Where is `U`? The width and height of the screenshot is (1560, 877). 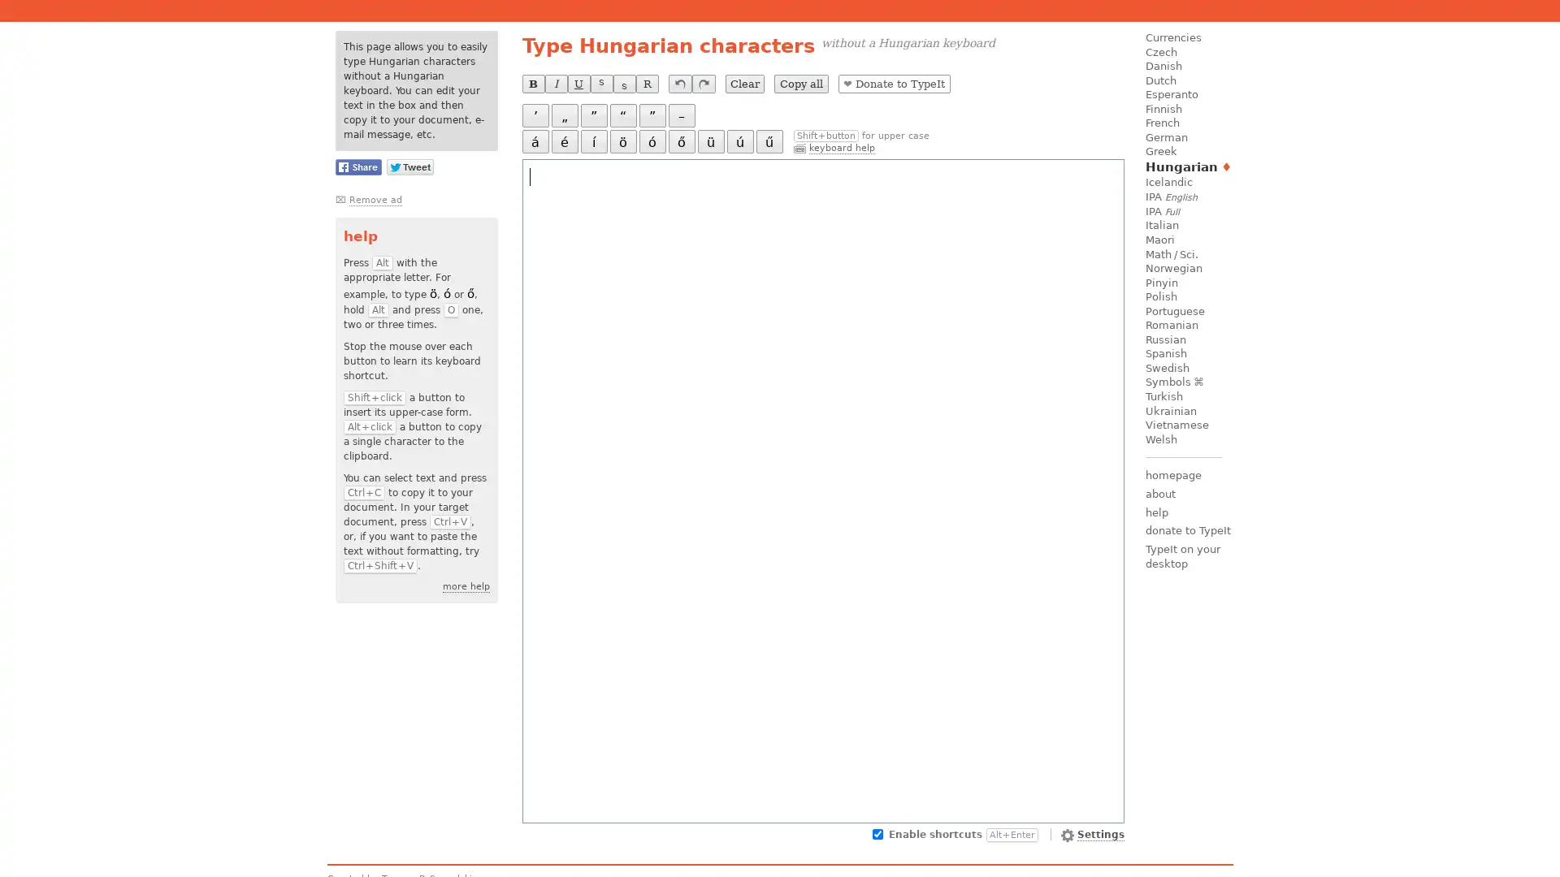
U is located at coordinates (578, 84).